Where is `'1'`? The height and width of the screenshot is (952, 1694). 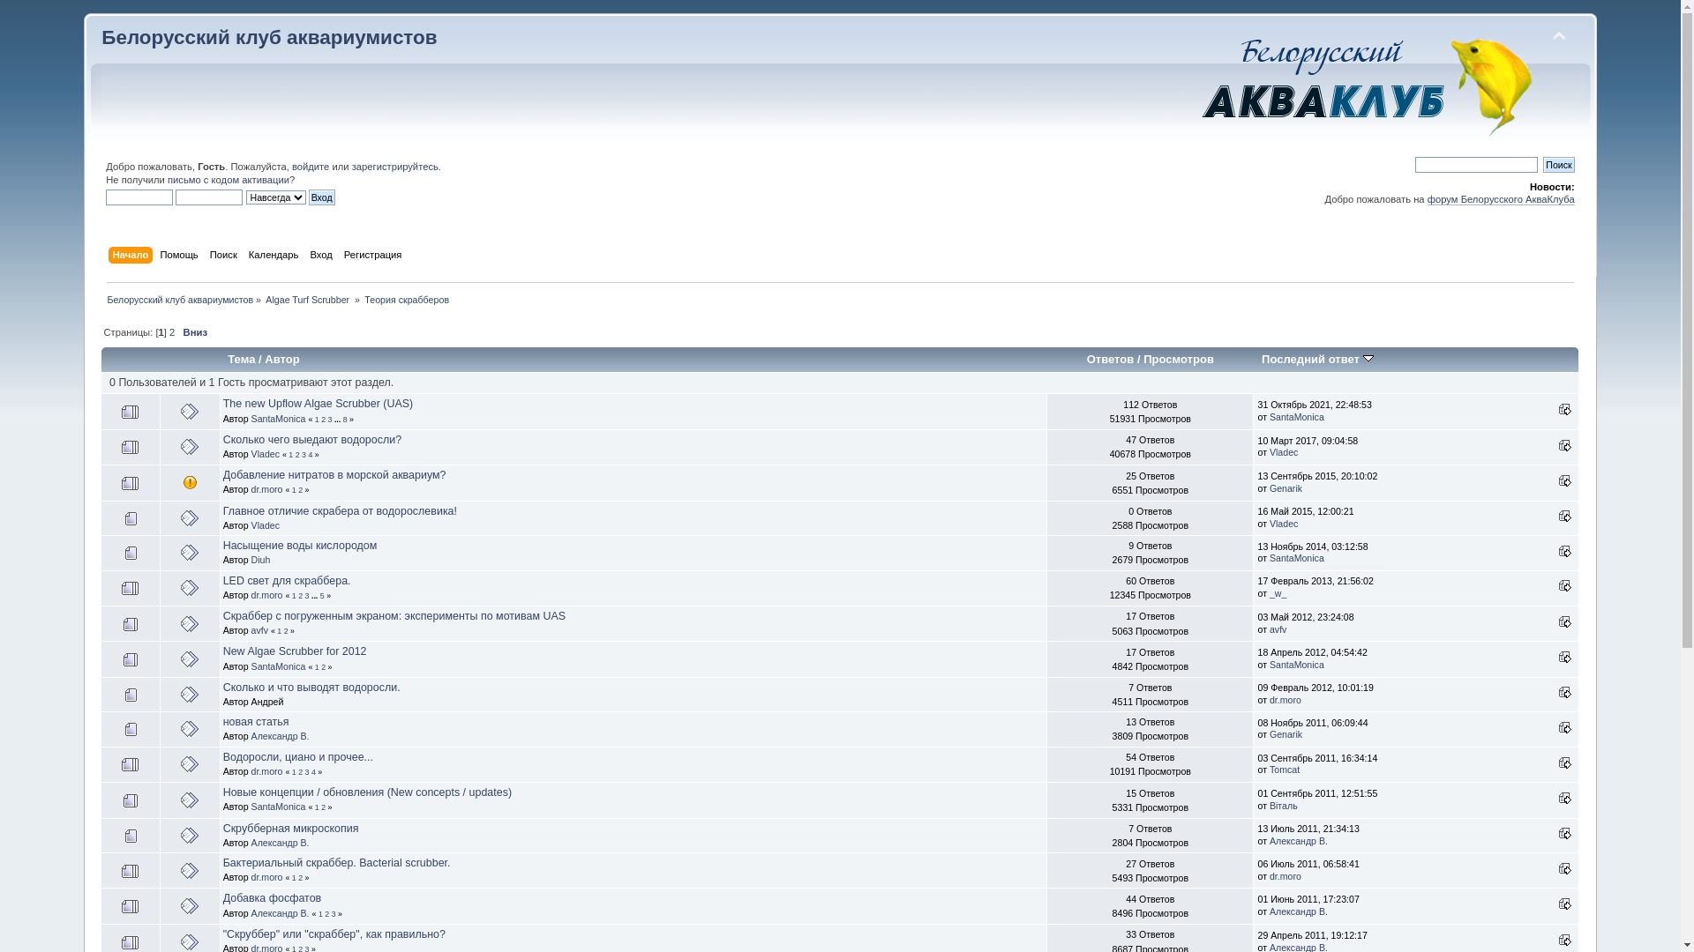 '1' is located at coordinates (317, 807).